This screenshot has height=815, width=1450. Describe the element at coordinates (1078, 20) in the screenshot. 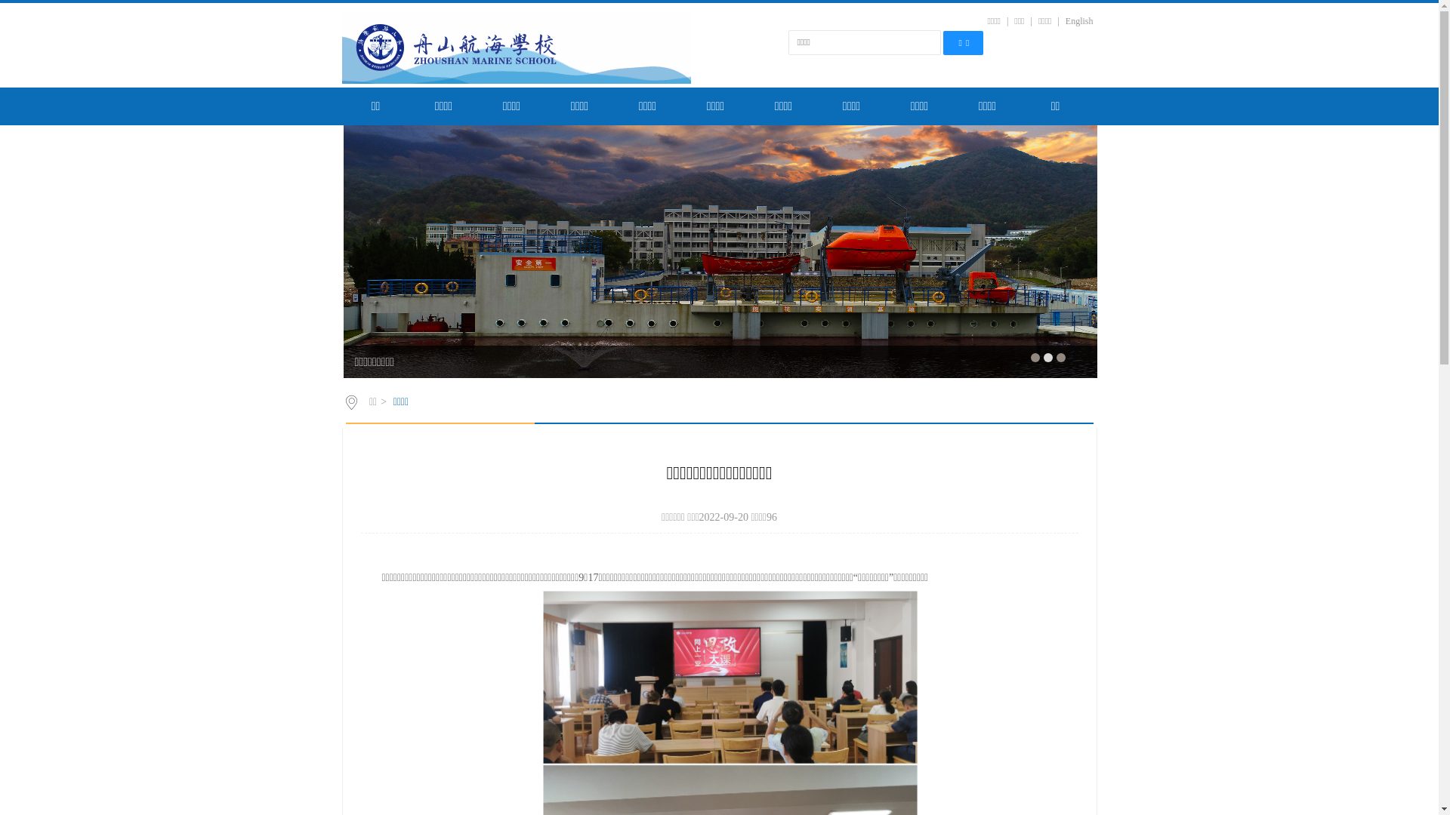

I see `'English'` at that location.